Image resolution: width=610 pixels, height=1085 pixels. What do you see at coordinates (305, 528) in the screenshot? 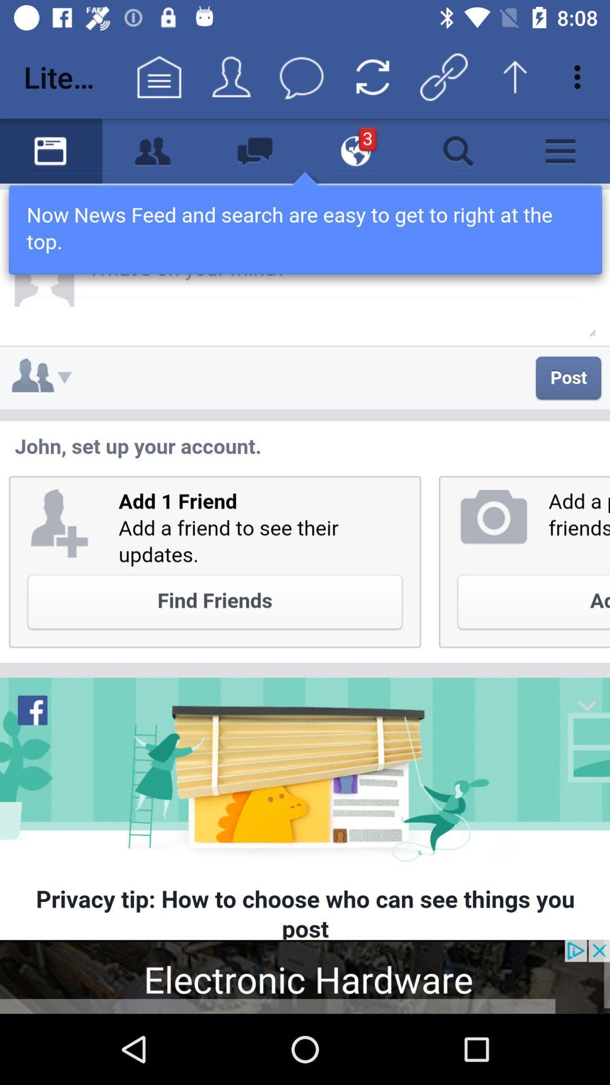
I see `facebook feed` at bounding box center [305, 528].